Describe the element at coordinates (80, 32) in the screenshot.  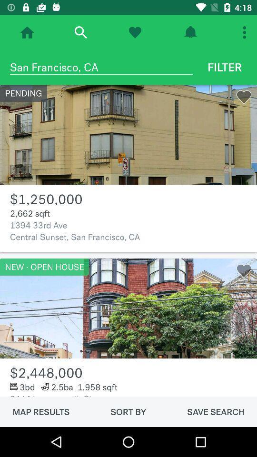
I see `search item` at that location.